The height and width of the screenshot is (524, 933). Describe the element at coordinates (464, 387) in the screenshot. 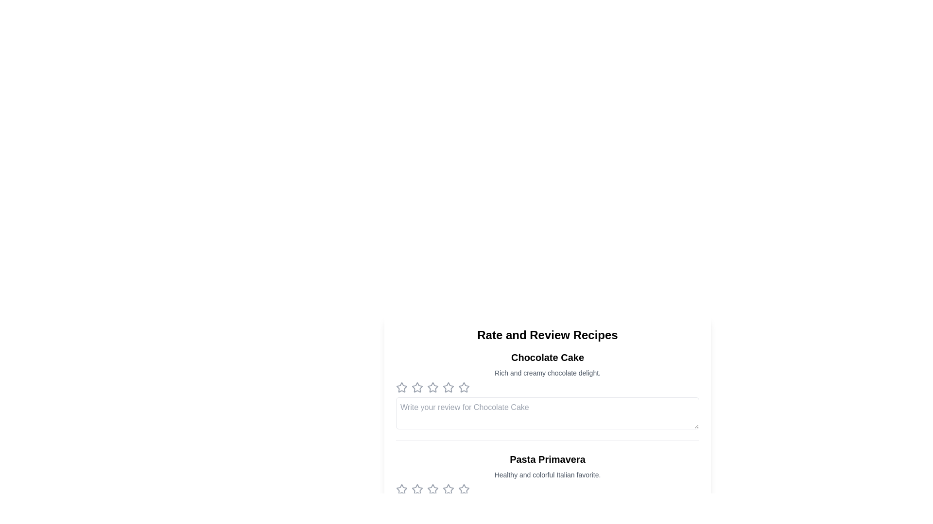

I see `the fifth star in the horizontal row of rating stars below the 'Chocolate Cake' title to rate the recipe` at that location.